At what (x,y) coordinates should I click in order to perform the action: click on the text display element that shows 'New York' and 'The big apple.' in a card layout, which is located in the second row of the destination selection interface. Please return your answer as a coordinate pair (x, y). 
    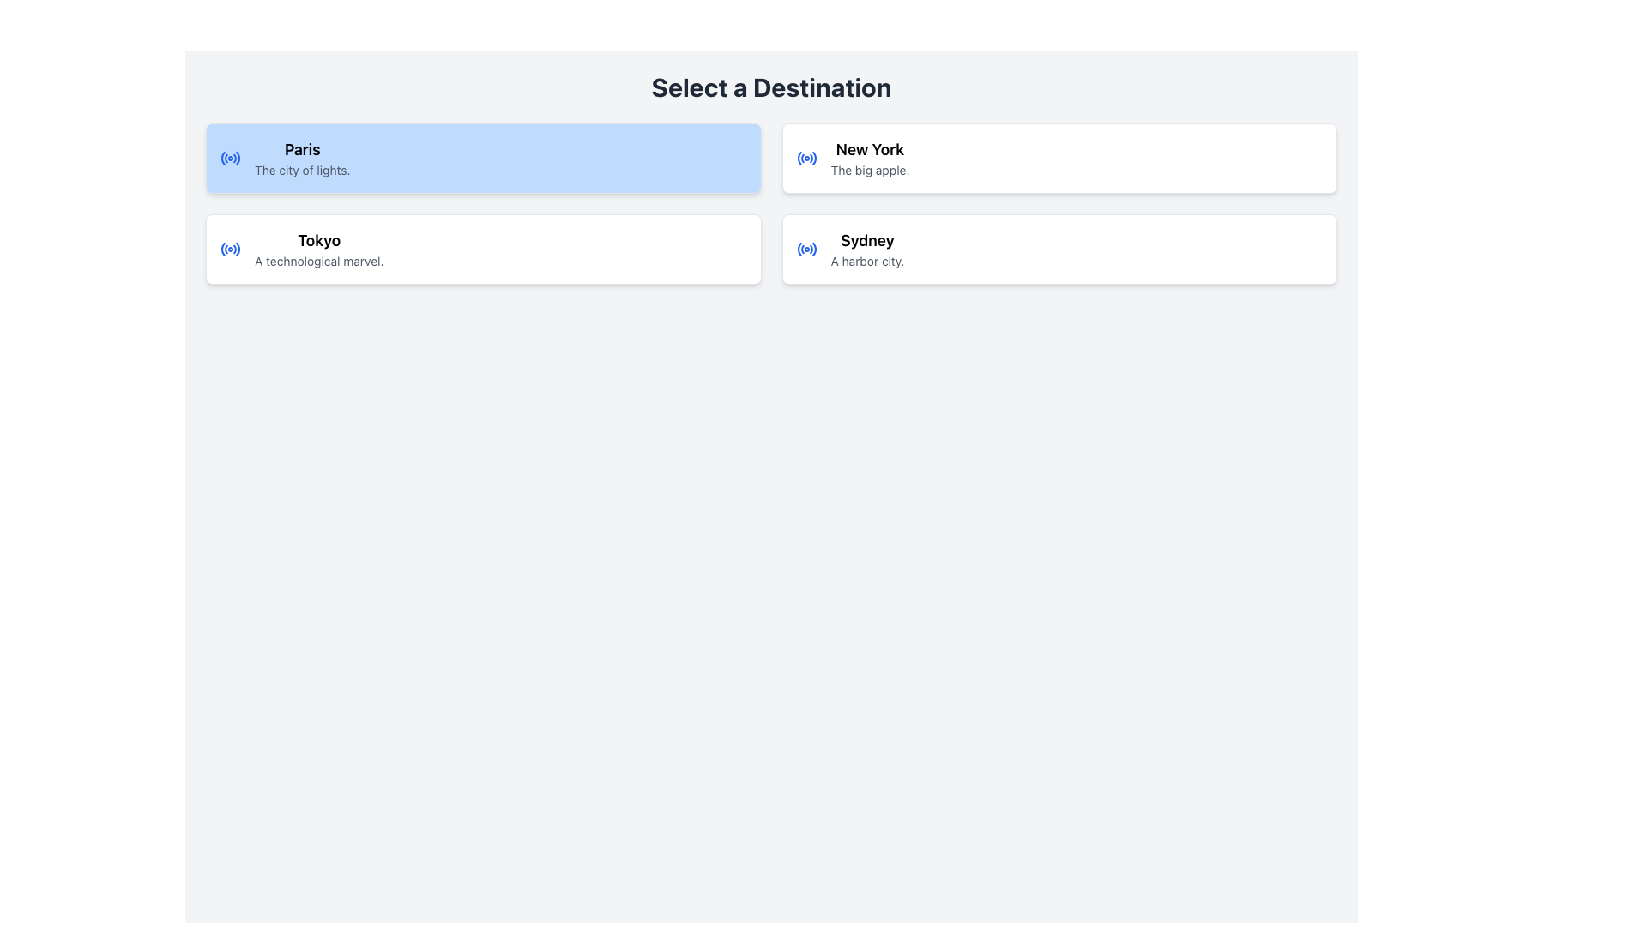
    Looking at the image, I should click on (870, 159).